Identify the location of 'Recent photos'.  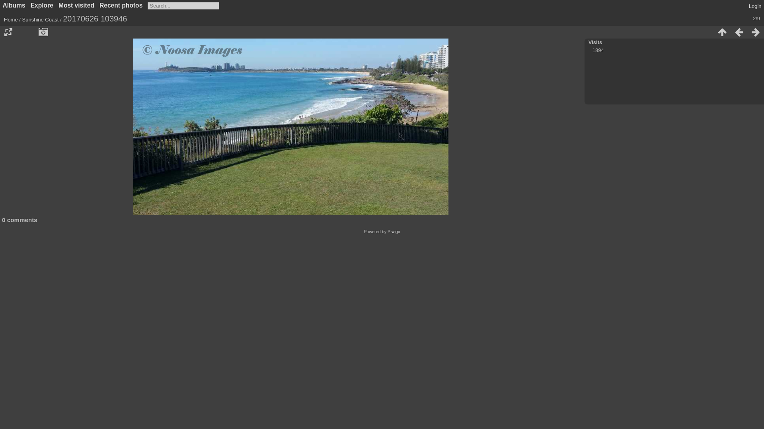
(120, 5).